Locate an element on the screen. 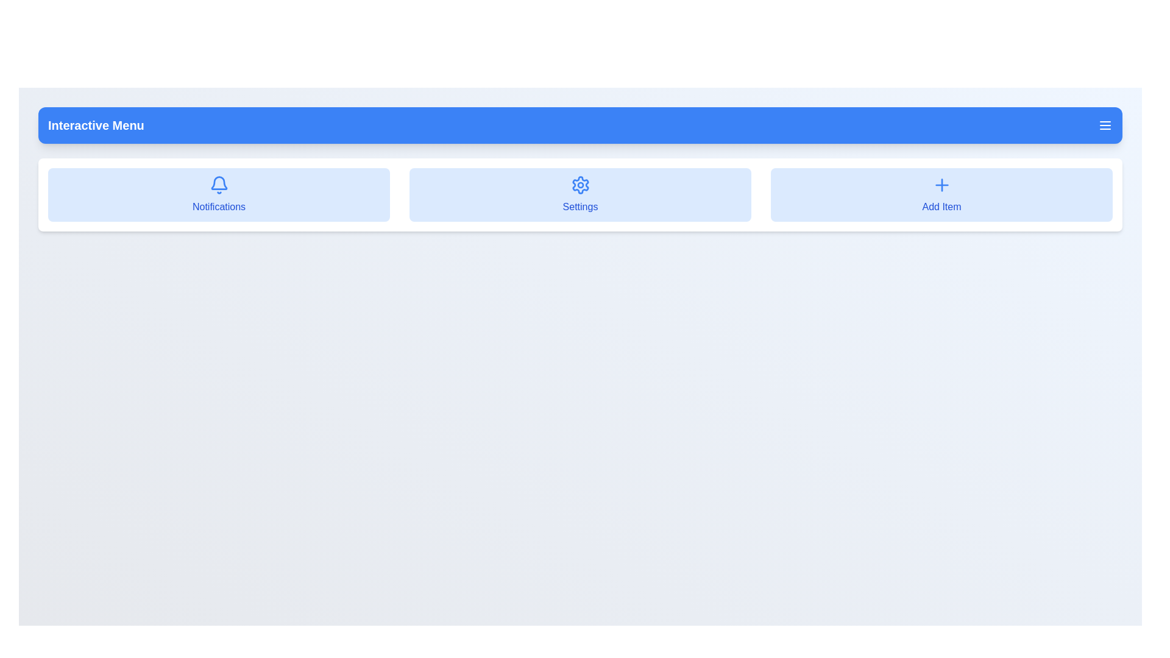 The image size is (1170, 658). the menu toggle button to toggle the menu visibility is located at coordinates (1105, 125).